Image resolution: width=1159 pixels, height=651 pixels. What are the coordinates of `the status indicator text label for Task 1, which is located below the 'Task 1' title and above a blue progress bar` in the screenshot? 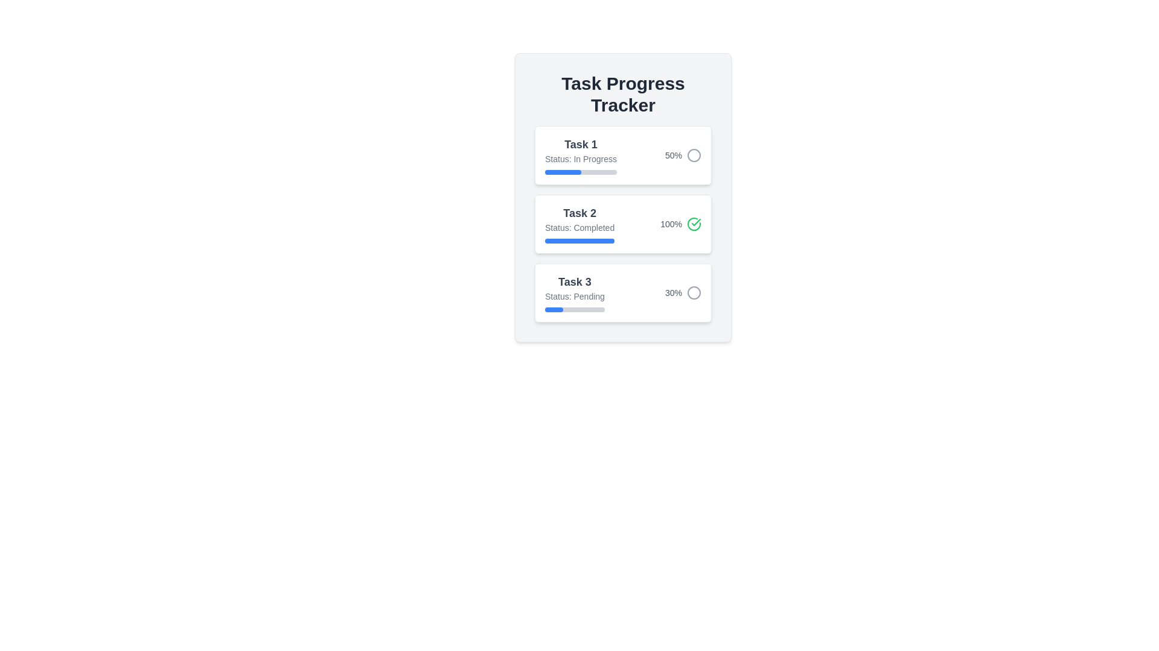 It's located at (581, 158).